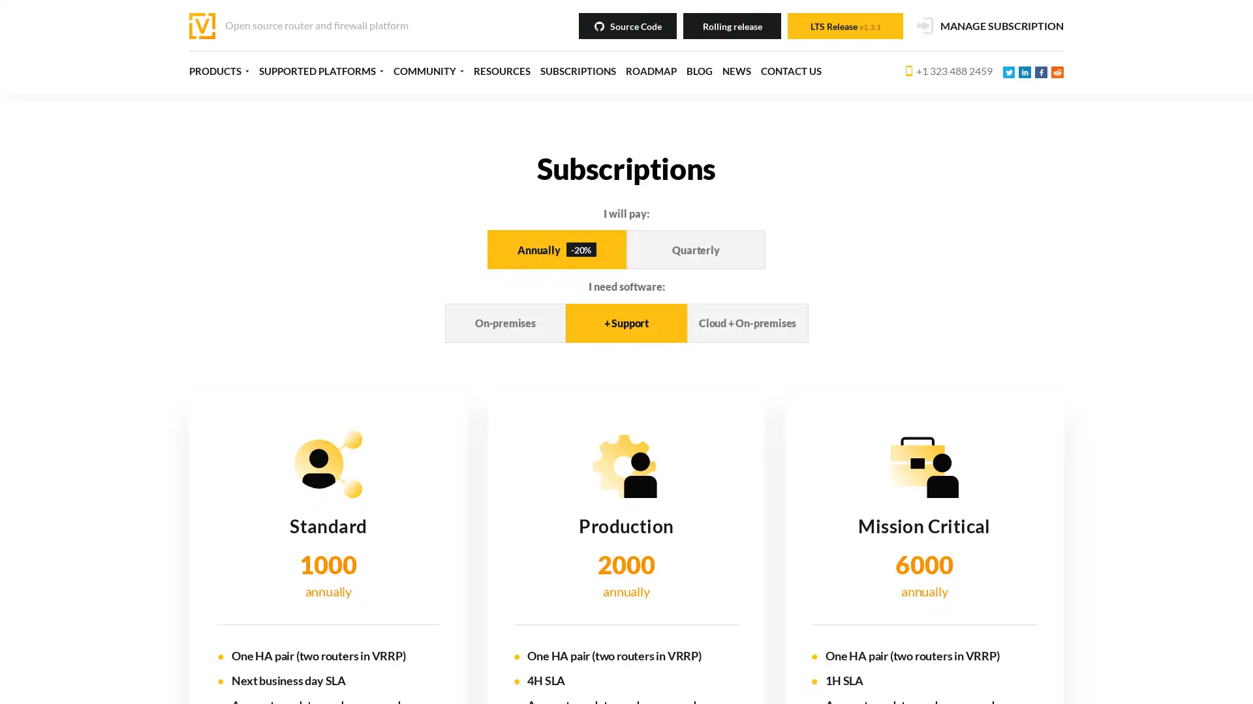  What do you see at coordinates (695, 249) in the screenshot?
I see `Quarterly` at bounding box center [695, 249].